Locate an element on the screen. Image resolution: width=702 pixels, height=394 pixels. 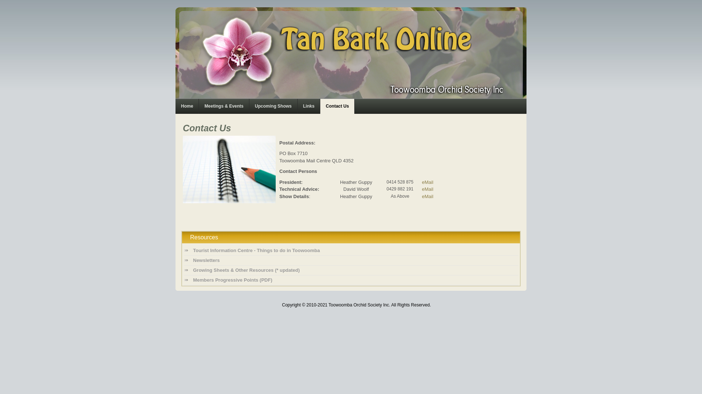
'Newsletters' is located at coordinates (351, 260).